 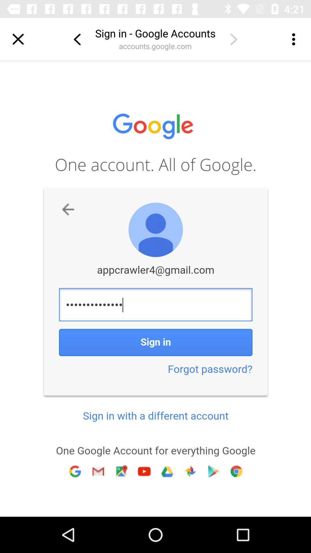 What do you see at coordinates (293, 39) in the screenshot?
I see `list box` at bounding box center [293, 39].